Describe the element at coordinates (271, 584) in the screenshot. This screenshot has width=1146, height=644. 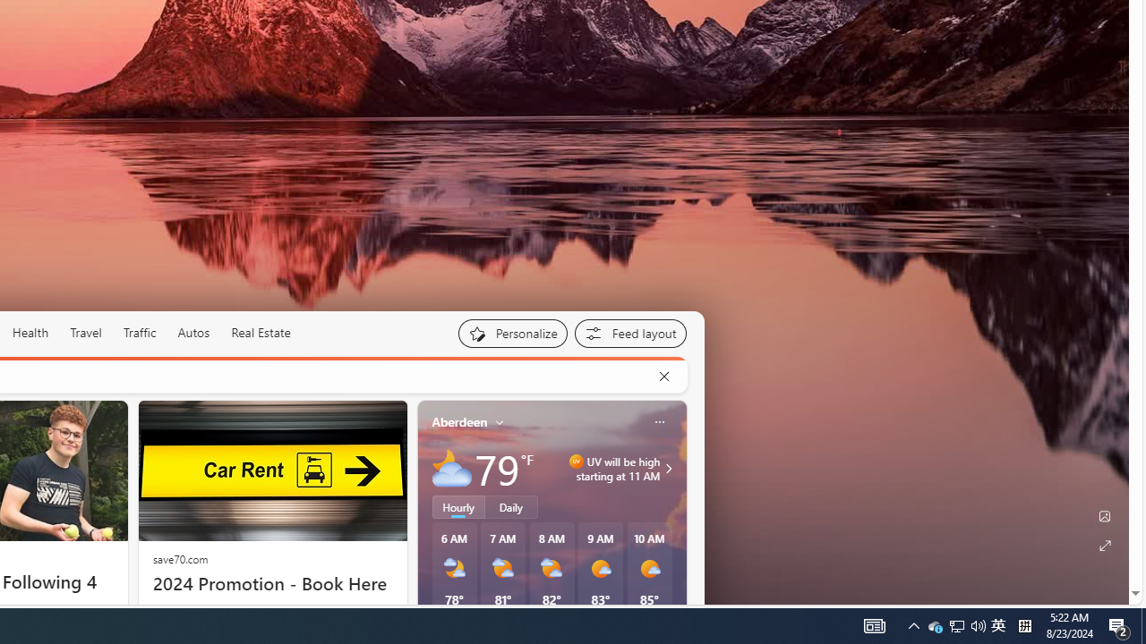
I see `'2024 Promotion - Book Here'` at that location.